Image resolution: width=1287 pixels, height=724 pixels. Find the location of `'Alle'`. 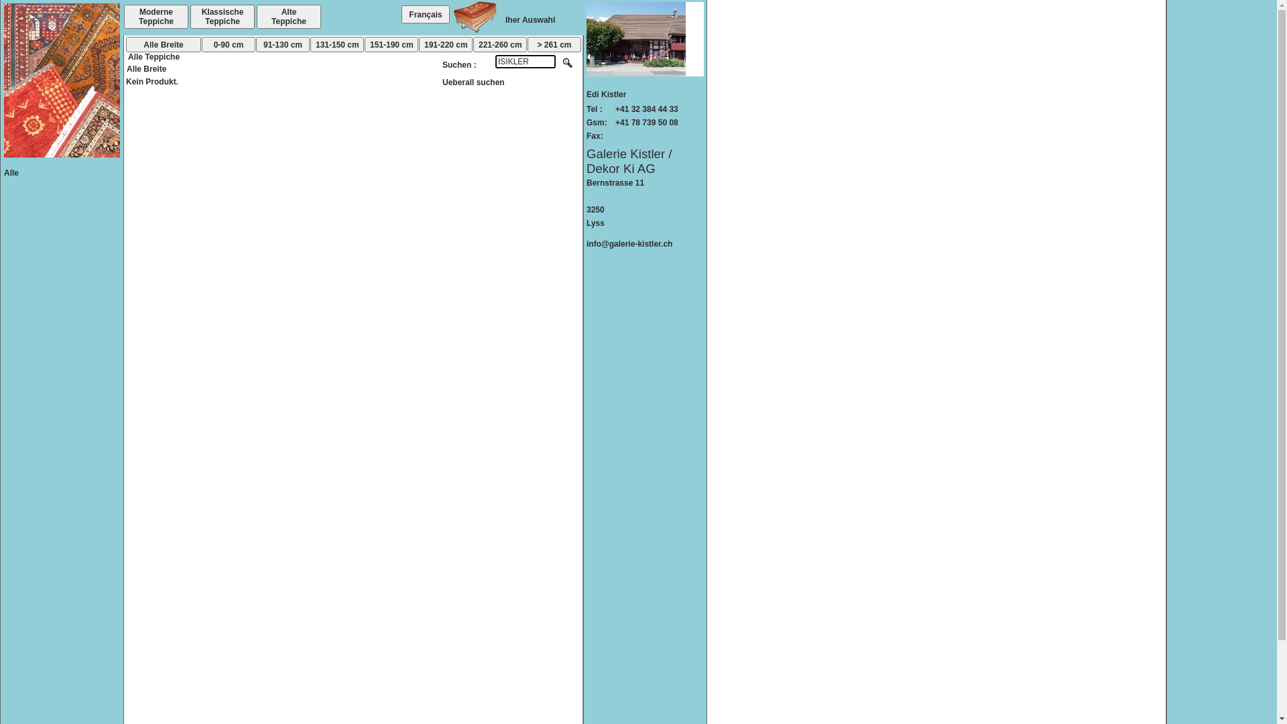

'Alle' is located at coordinates (11, 172).